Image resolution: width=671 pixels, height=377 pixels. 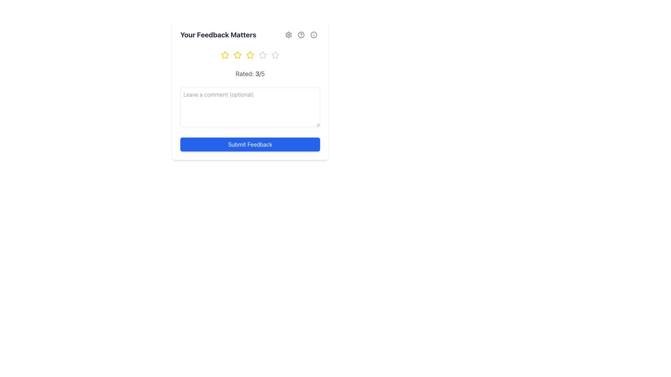 I want to click on the second yellow star icon in the horizontal arrangement, so click(x=238, y=55).